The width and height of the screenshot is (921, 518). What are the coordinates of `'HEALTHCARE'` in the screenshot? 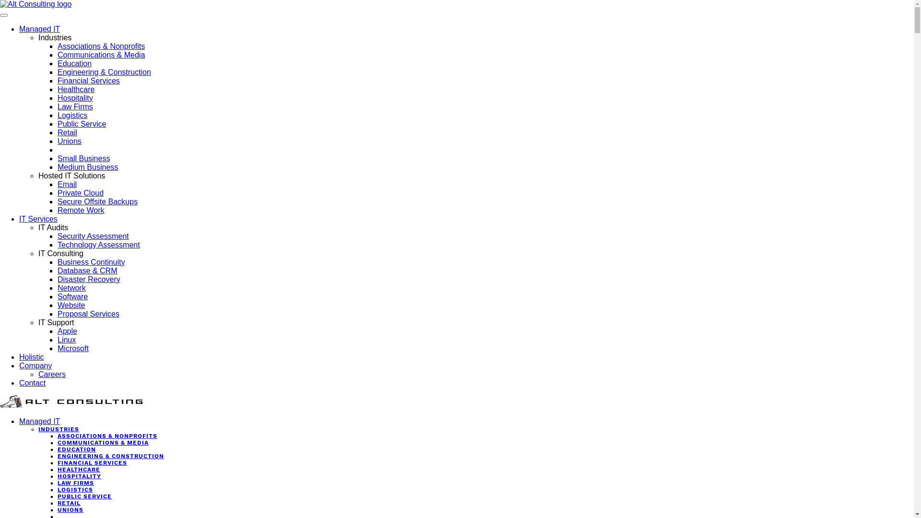 It's located at (79, 469).